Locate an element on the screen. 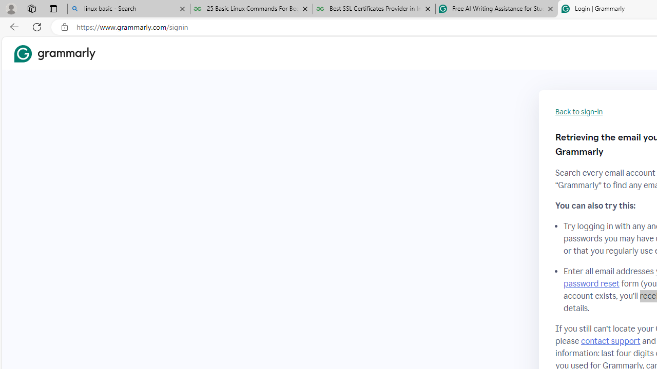 This screenshot has height=369, width=657. 'password reset' is located at coordinates (591, 284).